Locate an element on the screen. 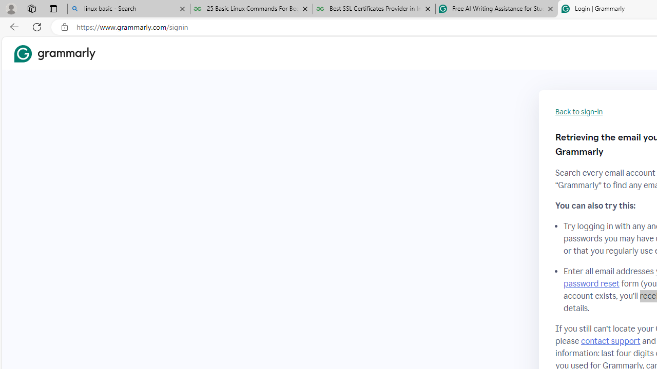 This screenshot has height=369, width=657. 'password reset' is located at coordinates (591, 284).